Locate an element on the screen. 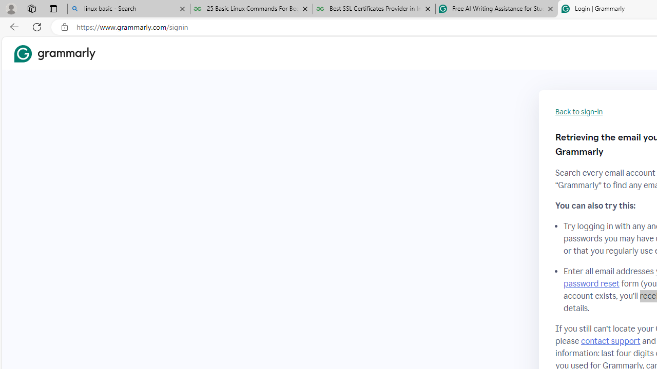 This screenshot has height=369, width=657. 'password reset' is located at coordinates (591, 284).